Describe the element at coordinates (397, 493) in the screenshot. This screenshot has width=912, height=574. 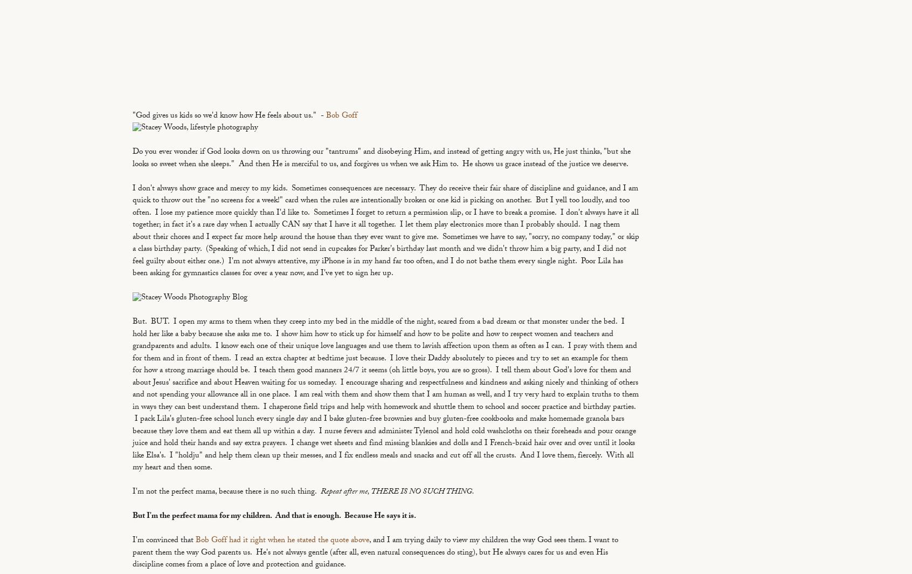
I see `'Repeat after me, THERE IS NO SUCH THING.'` at that location.